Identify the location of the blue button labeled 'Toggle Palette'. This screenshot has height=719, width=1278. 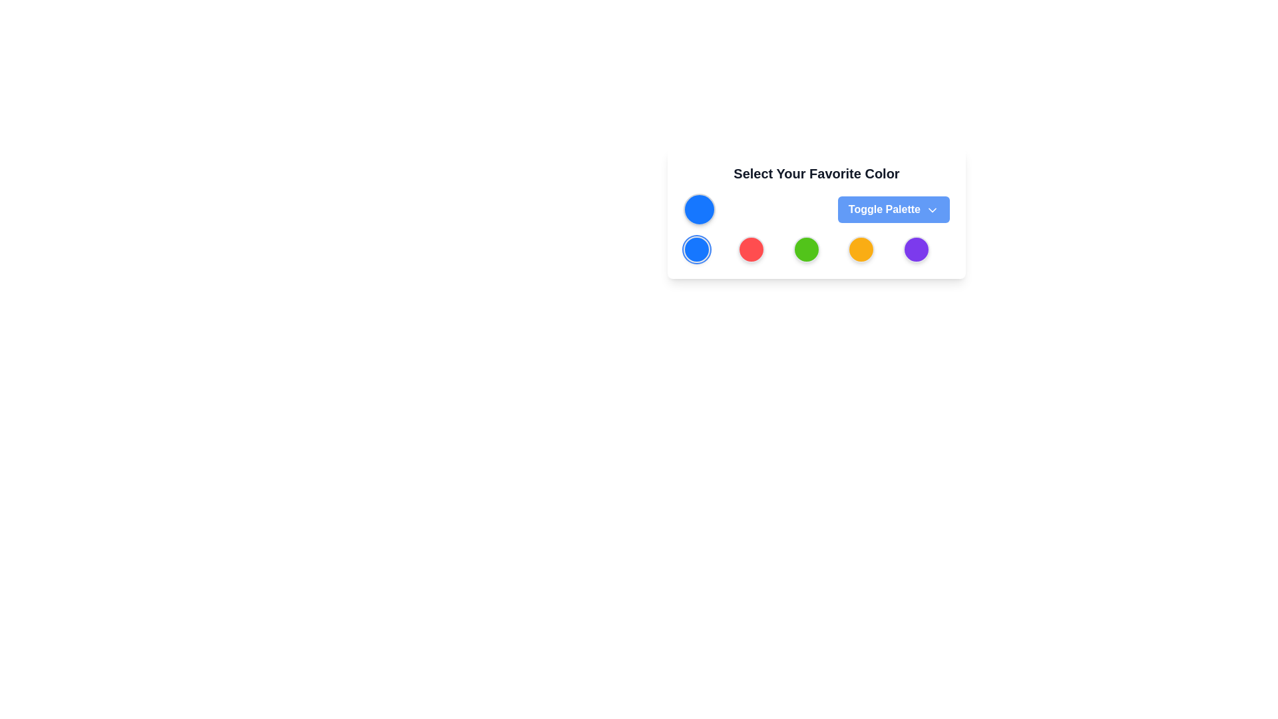
(893, 210).